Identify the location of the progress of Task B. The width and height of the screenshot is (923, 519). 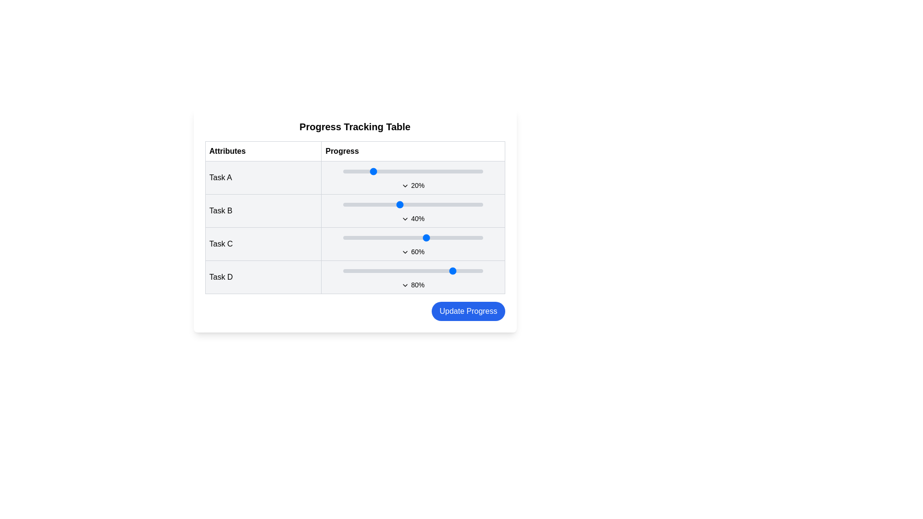
(369, 204).